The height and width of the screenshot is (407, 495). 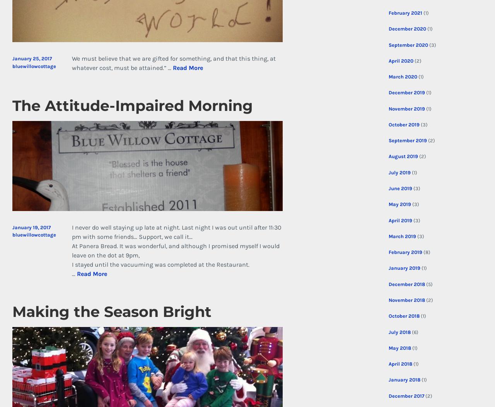 I want to click on 'February 2021', so click(x=405, y=12).